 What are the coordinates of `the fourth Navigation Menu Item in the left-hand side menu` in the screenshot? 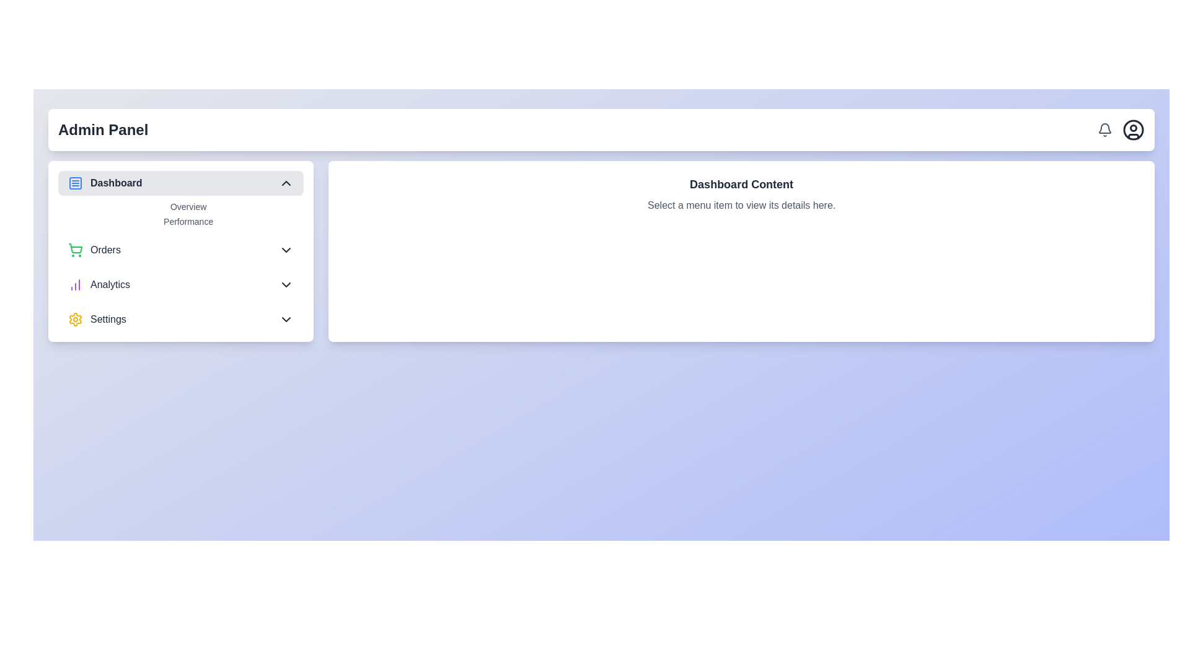 It's located at (96, 319).